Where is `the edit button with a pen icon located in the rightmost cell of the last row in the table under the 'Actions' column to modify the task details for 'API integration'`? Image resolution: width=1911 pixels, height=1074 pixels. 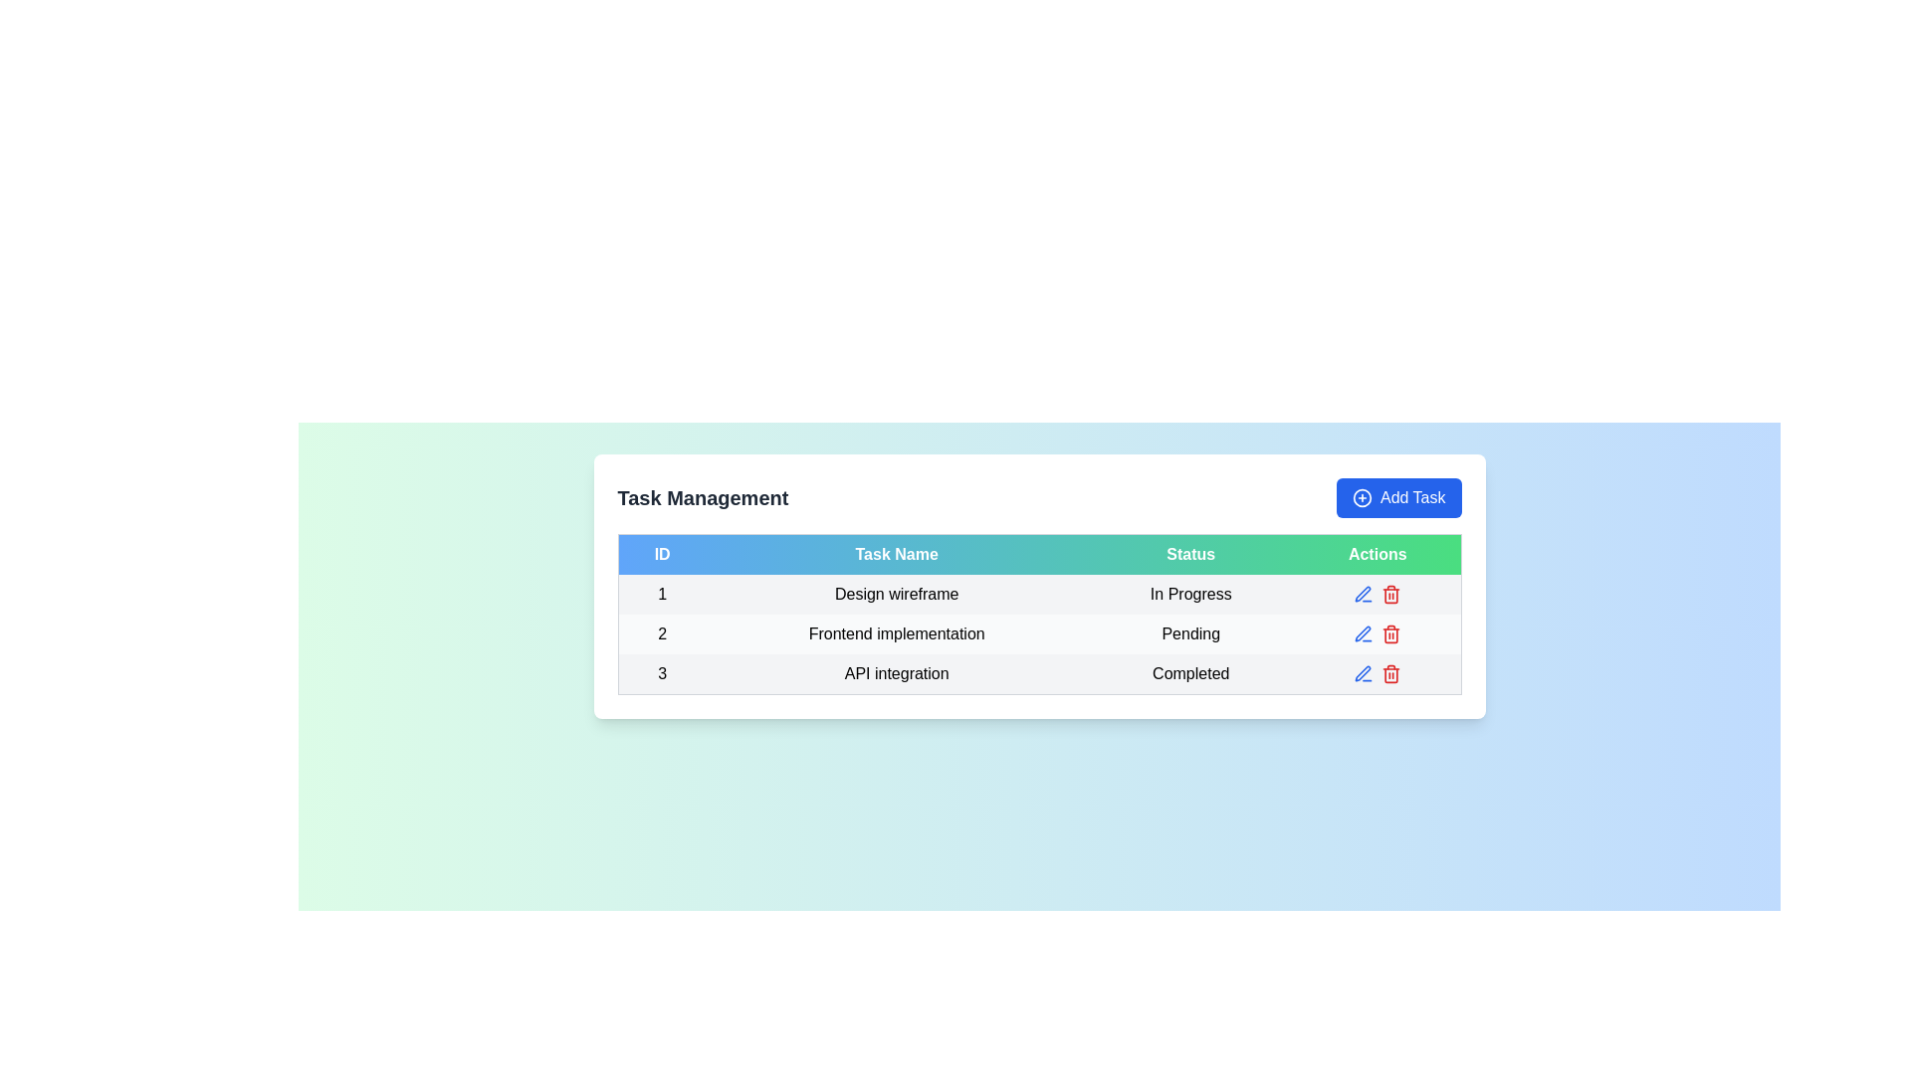 the edit button with a pen icon located in the rightmost cell of the last row in the table under the 'Actions' column to modify the task details for 'API integration' is located at coordinates (1362, 673).